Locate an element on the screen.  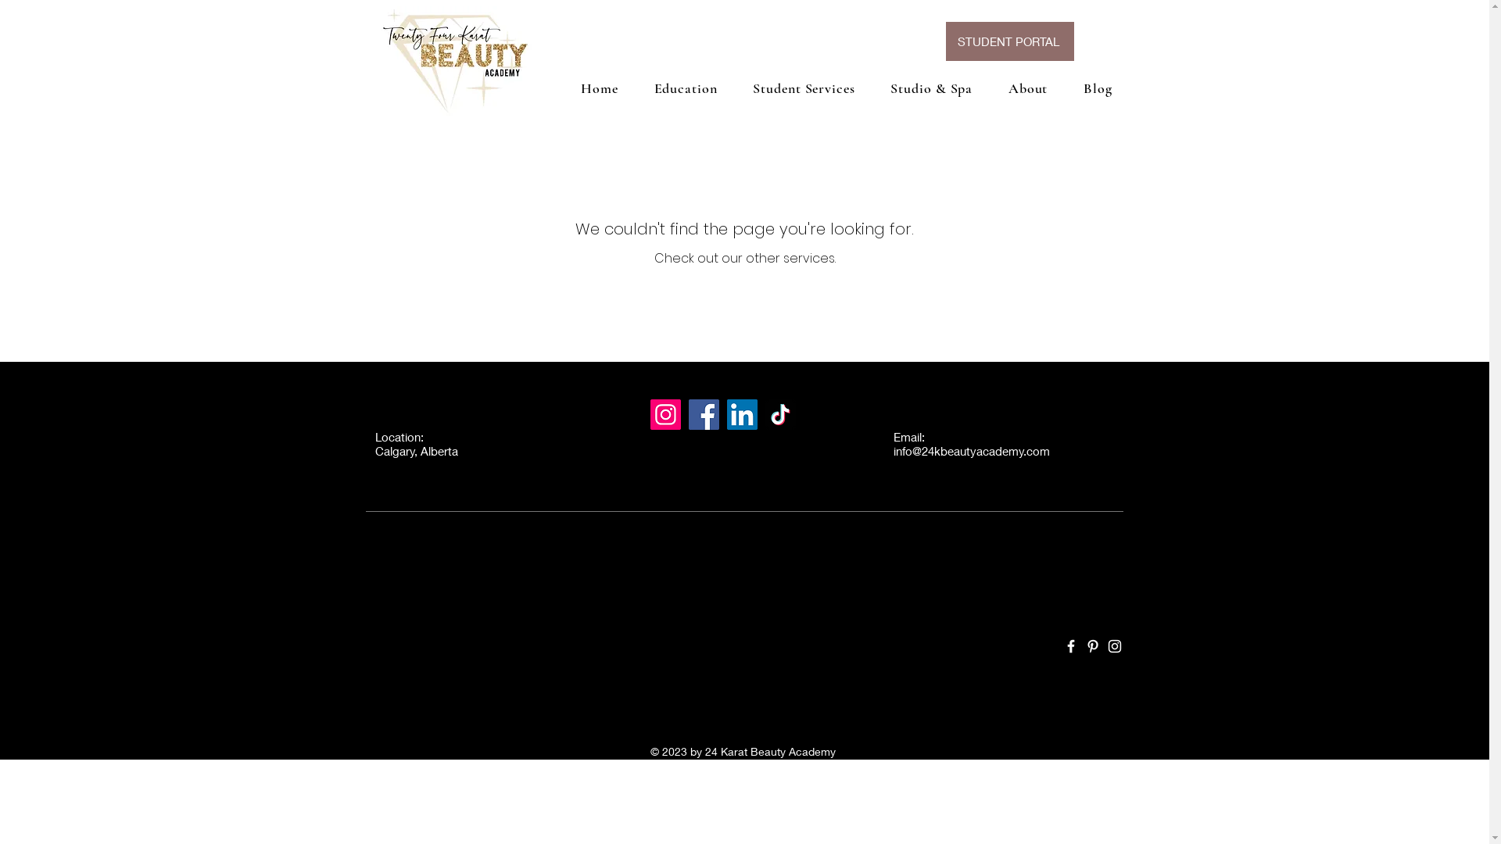
'Student Services' is located at coordinates (804, 88).